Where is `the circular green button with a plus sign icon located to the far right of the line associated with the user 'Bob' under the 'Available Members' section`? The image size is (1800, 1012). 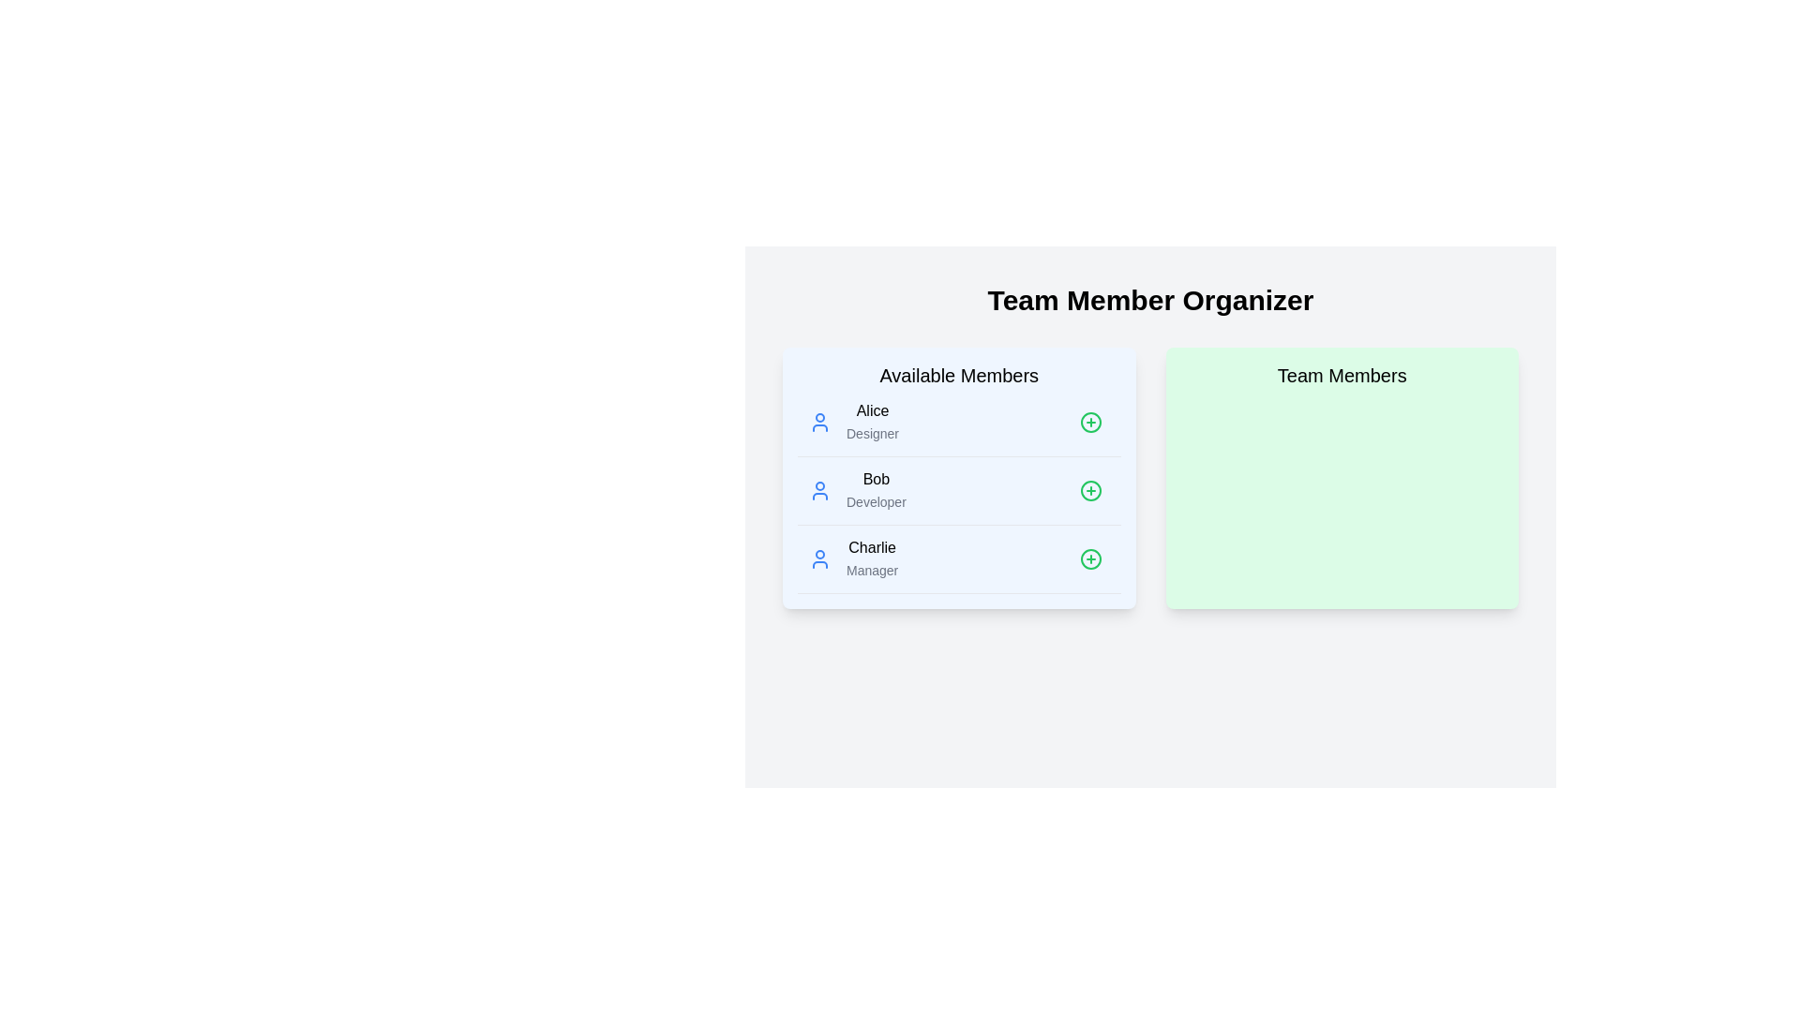 the circular green button with a plus sign icon located to the far right of the line associated with the user 'Bob' under the 'Available Members' section is located at coordinates (1090, 490).